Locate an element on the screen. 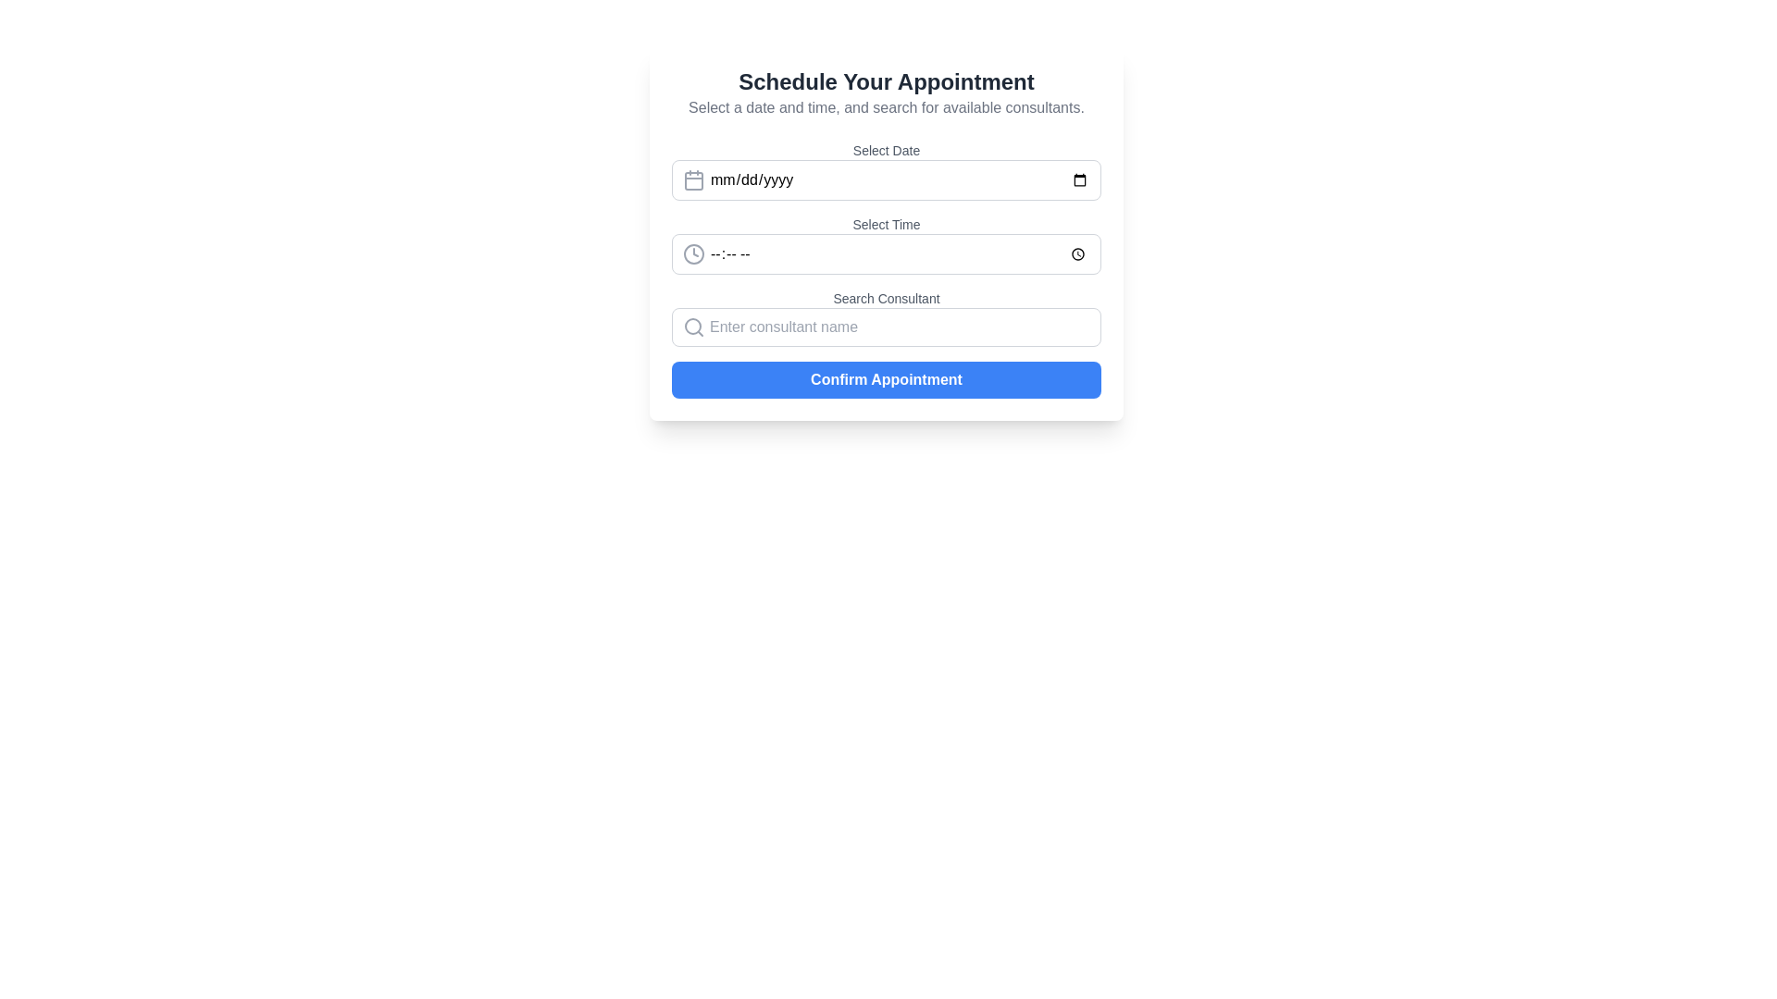 Image resolution: width=1777 pixels, height=999 pixels. the Date Picker input to focus it for date selection is located at coordinates (886, 171).